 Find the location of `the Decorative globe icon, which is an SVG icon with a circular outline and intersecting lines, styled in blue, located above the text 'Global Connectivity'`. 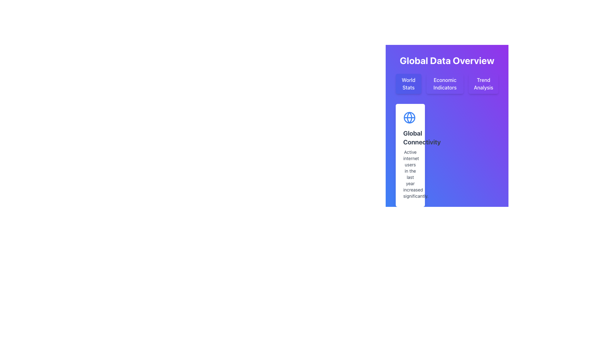

the Decorative globe icon, which is an SVG icon with a circular outline and intersecting lines, styled in blue, located above the text 'Global Connectivity' is located at coordinates (410, 117).